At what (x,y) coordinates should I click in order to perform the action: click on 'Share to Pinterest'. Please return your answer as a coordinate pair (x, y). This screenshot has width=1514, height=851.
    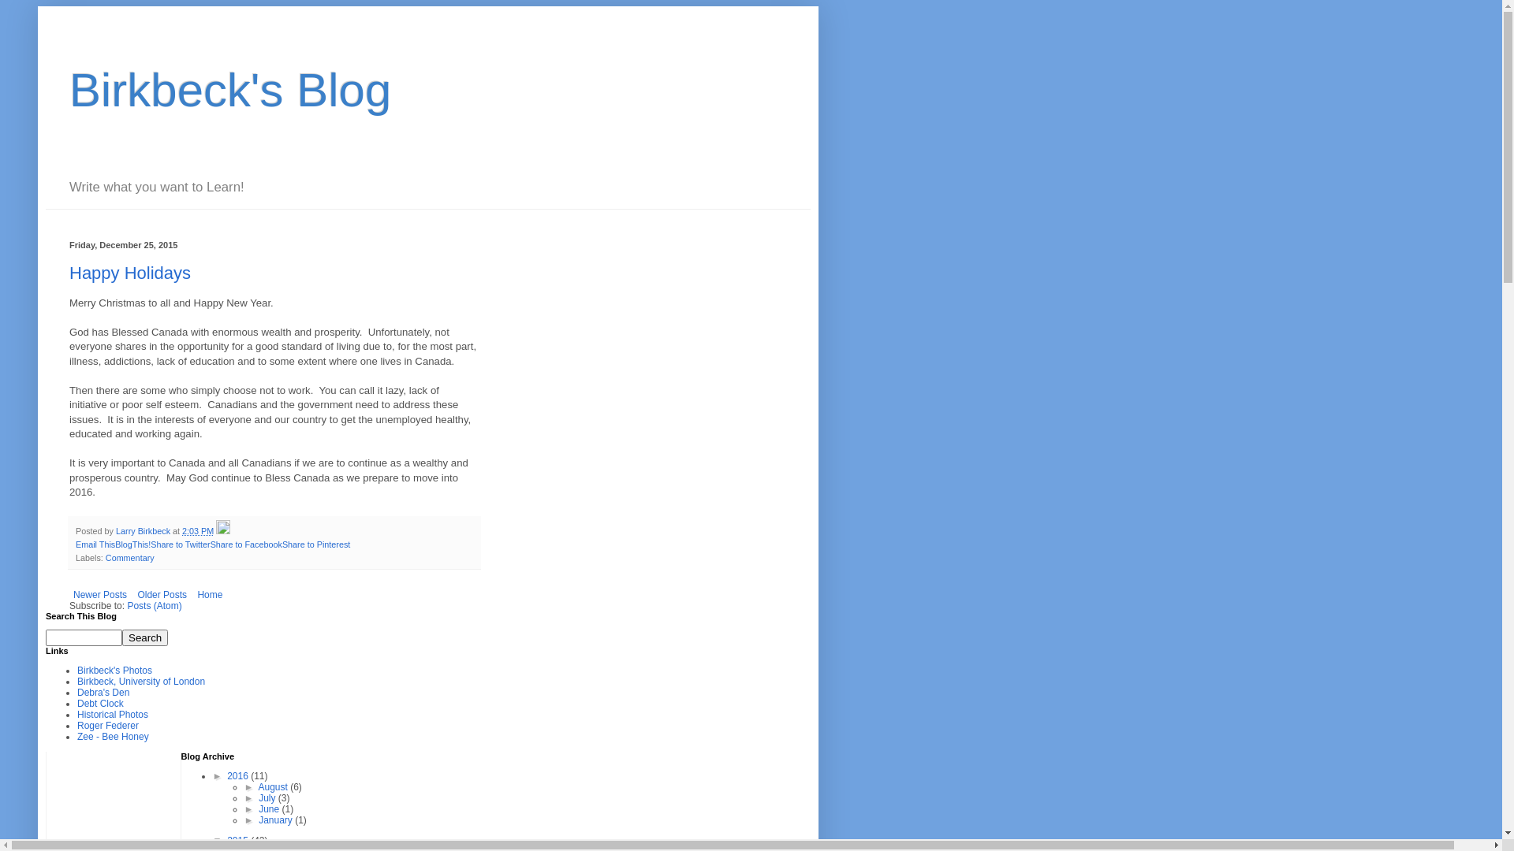
    Looking at the image, I should click on (315, 543).